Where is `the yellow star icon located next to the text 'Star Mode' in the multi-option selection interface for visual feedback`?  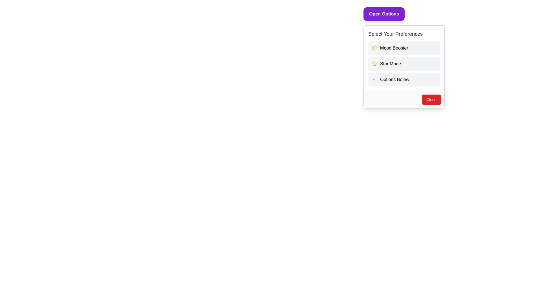 the yellow star icon located next to the text 'Star Mode' in the multi-option selection interface for visual feedback is located at coordinates (374, 64).